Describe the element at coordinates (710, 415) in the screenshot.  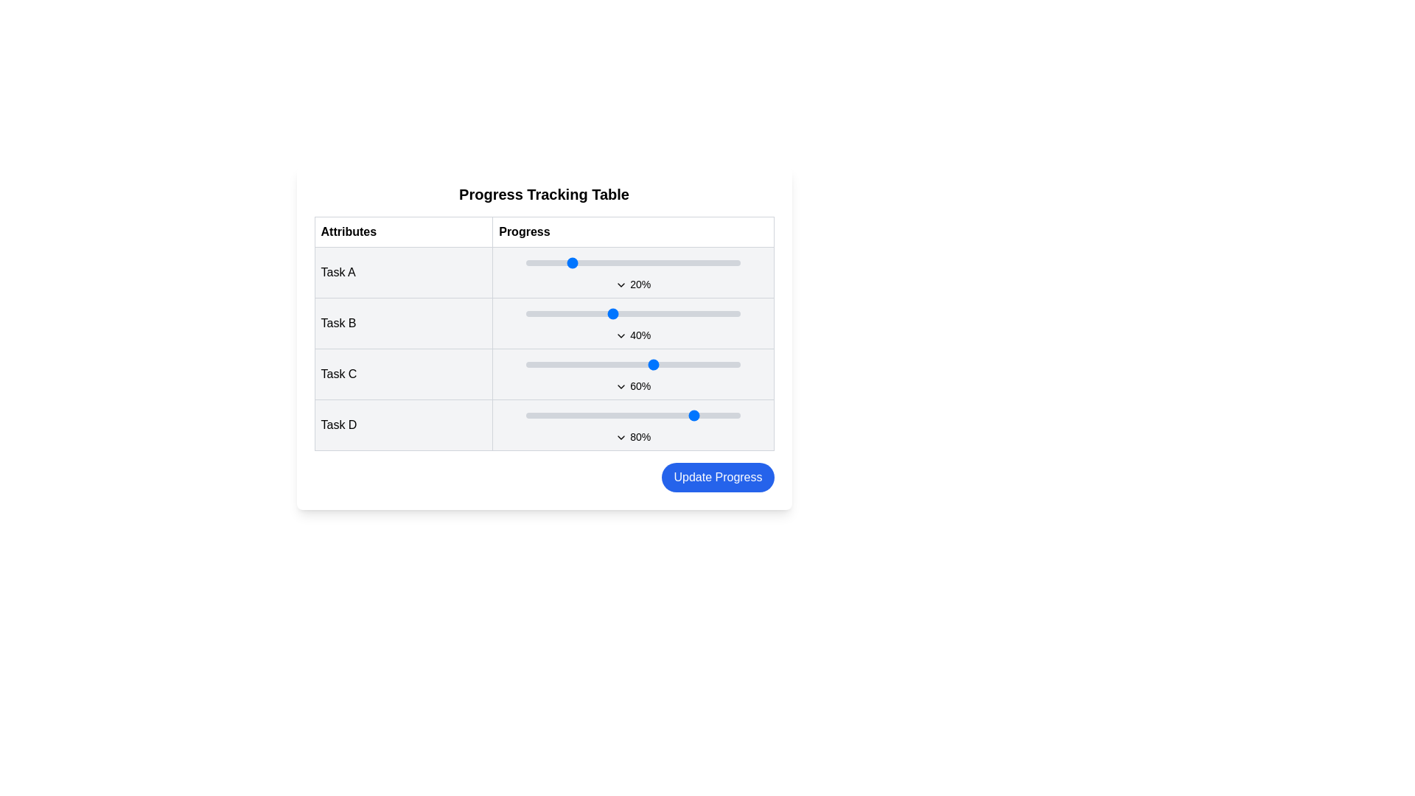
I see `the Task D progress value` at that location.